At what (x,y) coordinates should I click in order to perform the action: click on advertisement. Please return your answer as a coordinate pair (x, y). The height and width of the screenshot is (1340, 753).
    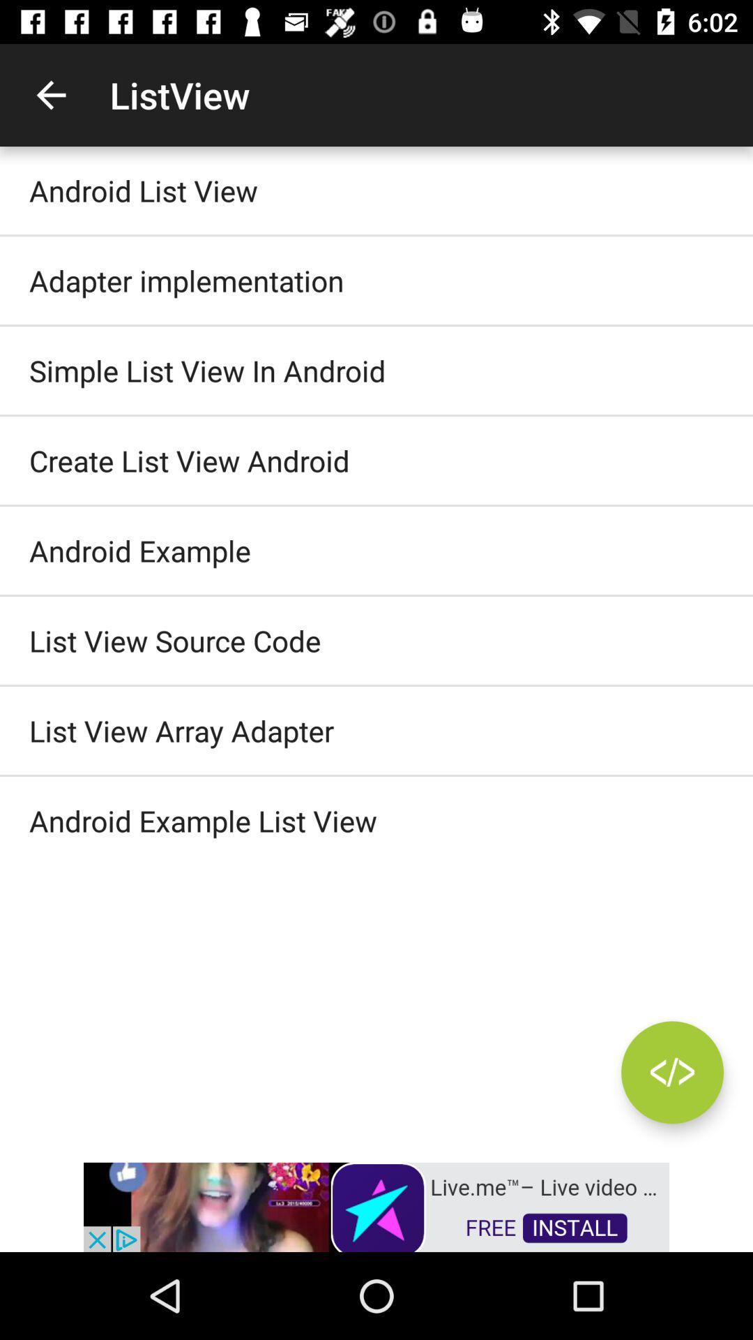
    Looking at the image, I should click on (376, 1205).